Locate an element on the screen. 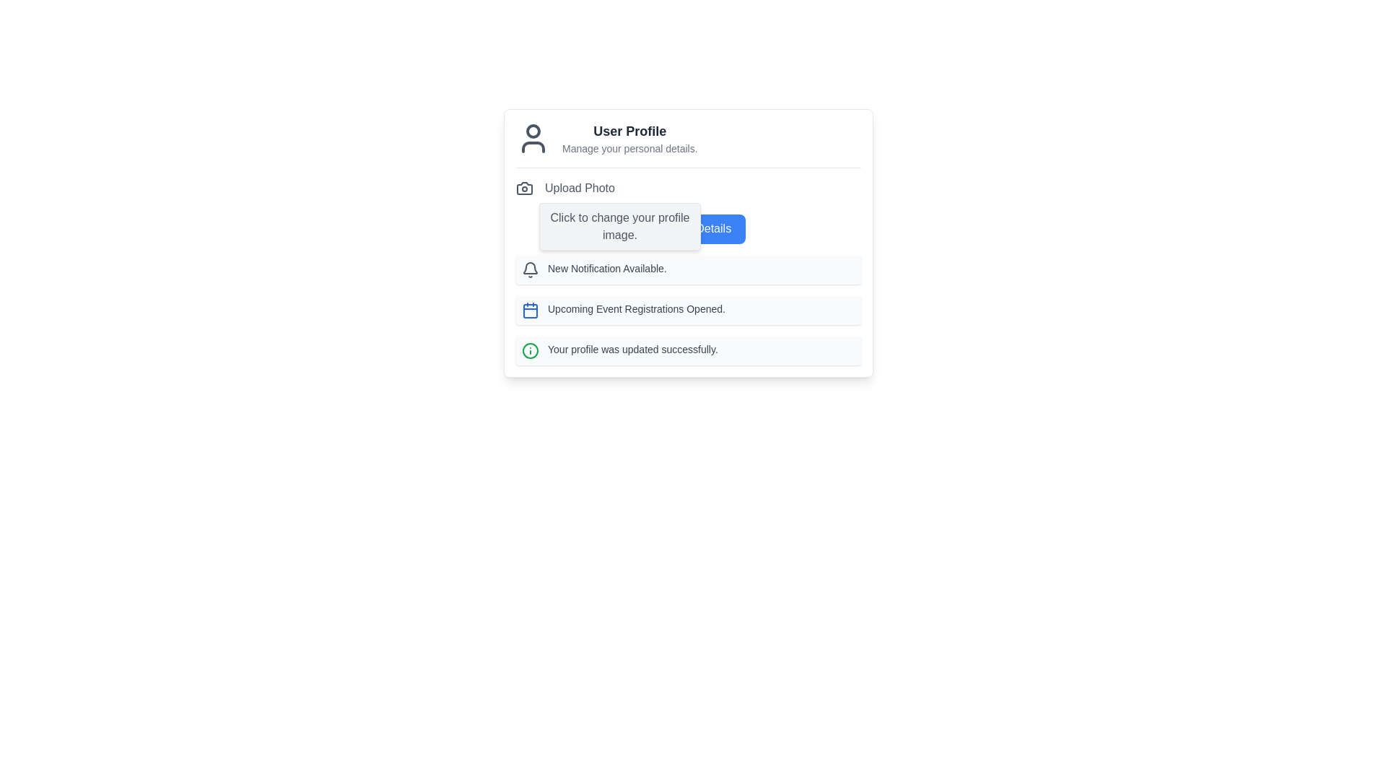 This screenshot has width=1386, height=780. the circular graphic element that is part of the user profile badge, located near the top center of the badge, above the 'Upload Photo' button is located at coordinates (533, 131).